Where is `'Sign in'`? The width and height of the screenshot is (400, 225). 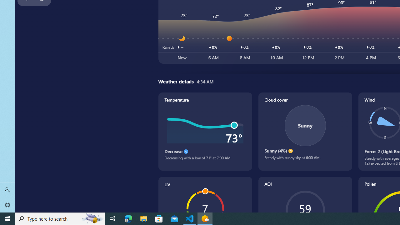 'Sign in' is located at coordinates (7, 190).